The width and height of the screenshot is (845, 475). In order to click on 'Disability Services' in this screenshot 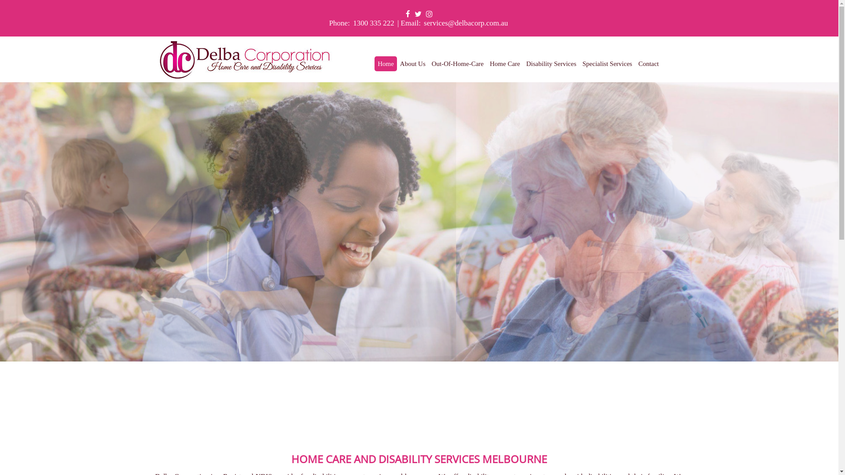, I will do `click(551, 63)`.